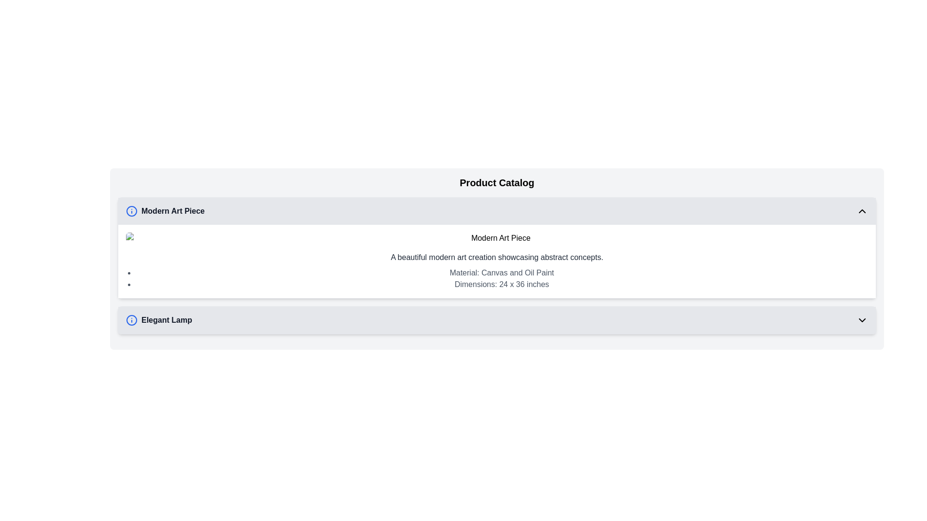 The width and height of the screenshot is (927, 521). I want to click on the toggle icon on the far-right side of the header bar labeled 'Modern Art Piece', so click(862, 211).